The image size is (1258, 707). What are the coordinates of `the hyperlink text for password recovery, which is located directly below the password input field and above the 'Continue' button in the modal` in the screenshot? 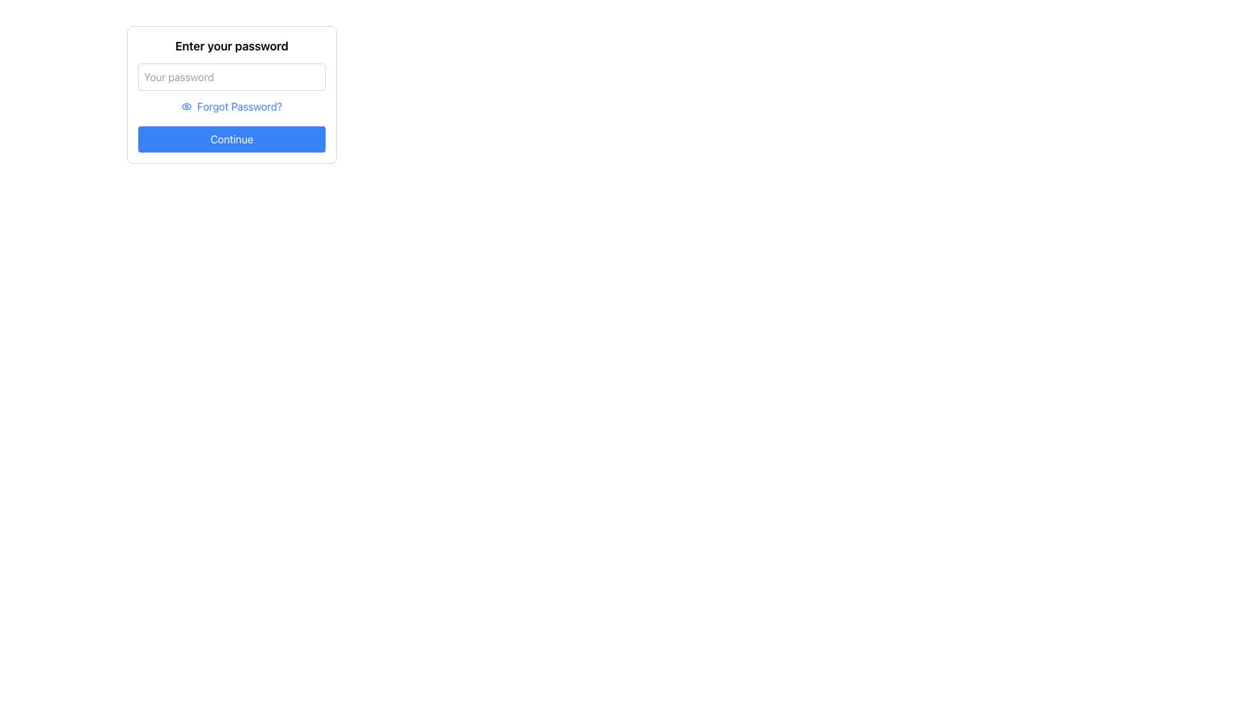 It's located at (232, 105).